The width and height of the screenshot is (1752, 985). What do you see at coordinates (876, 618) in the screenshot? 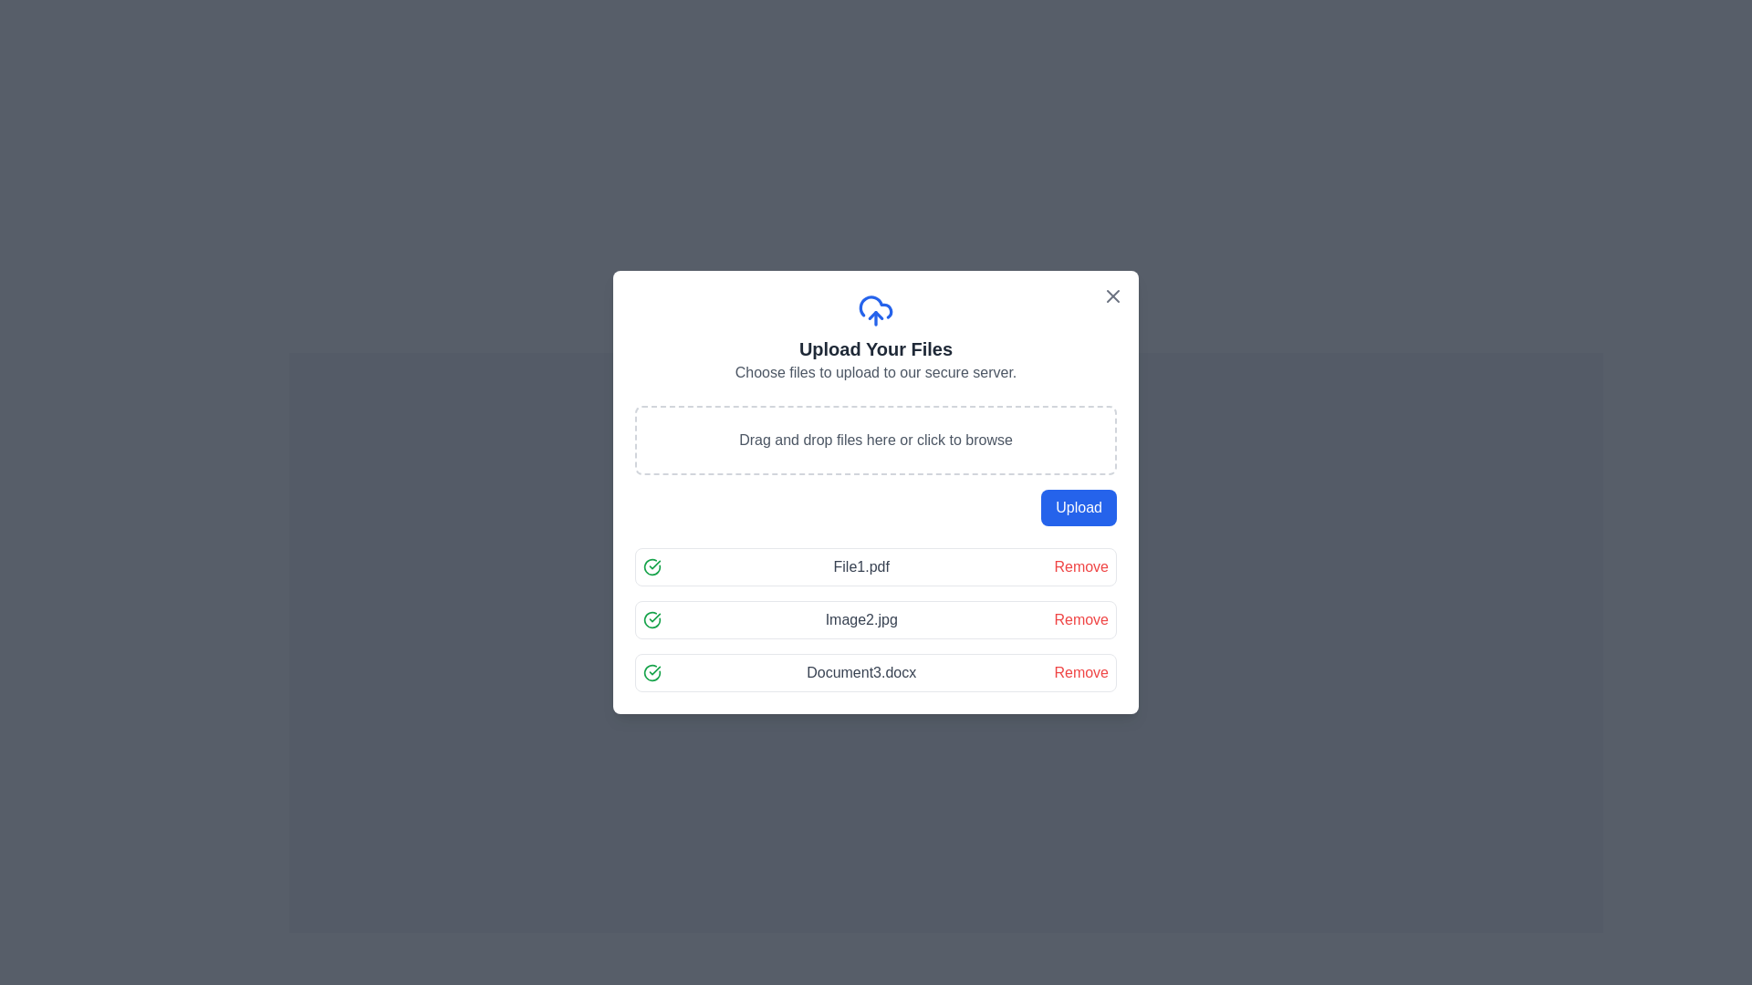
I see `the list of uploaded files displayed in the central card layout below the 'Upload' button` at bounding box center [876, 618].